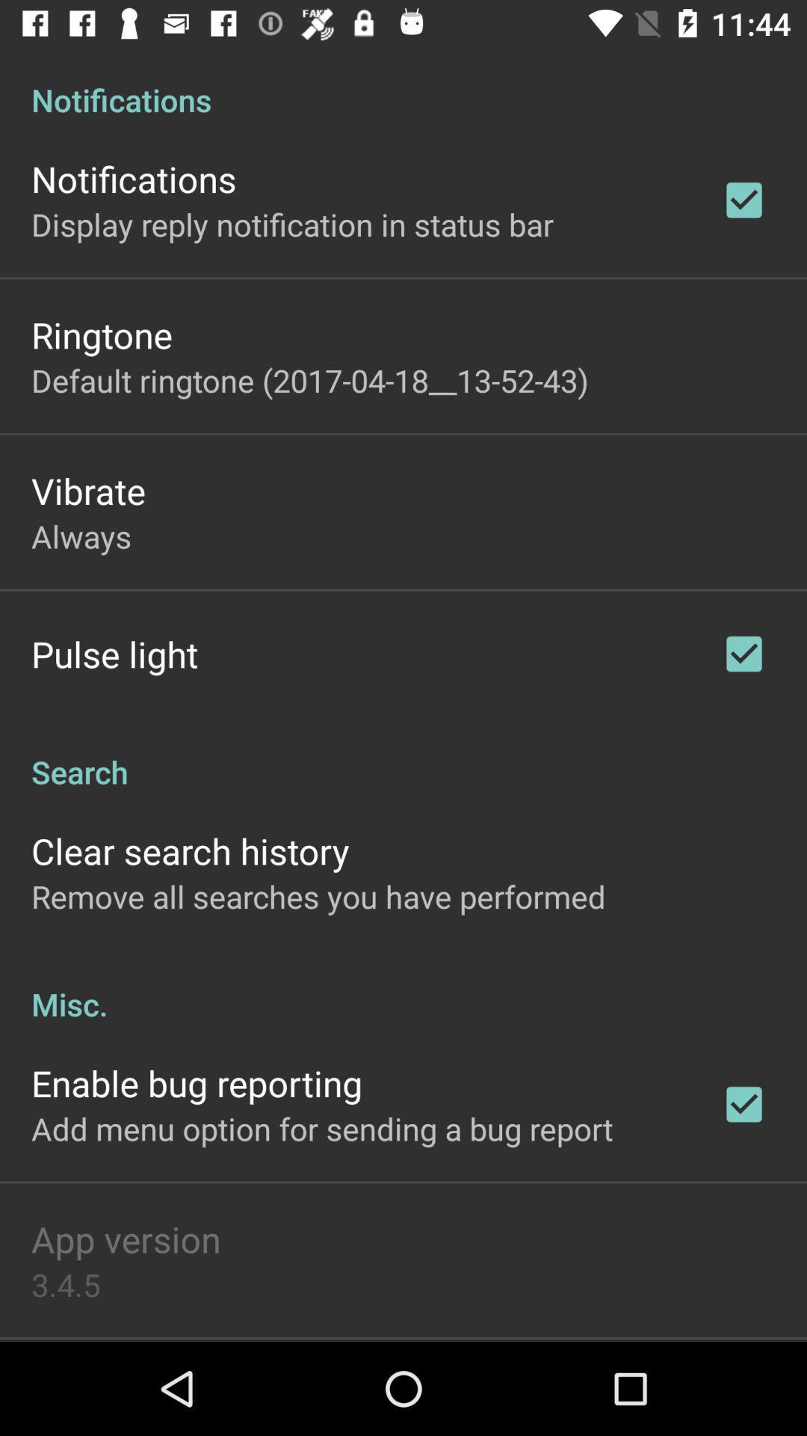 This screenshot has height=1436, width=807. Describe the element at coordinates (318, 896) in the screenshot. I see `app below clear search history icon` at that location.